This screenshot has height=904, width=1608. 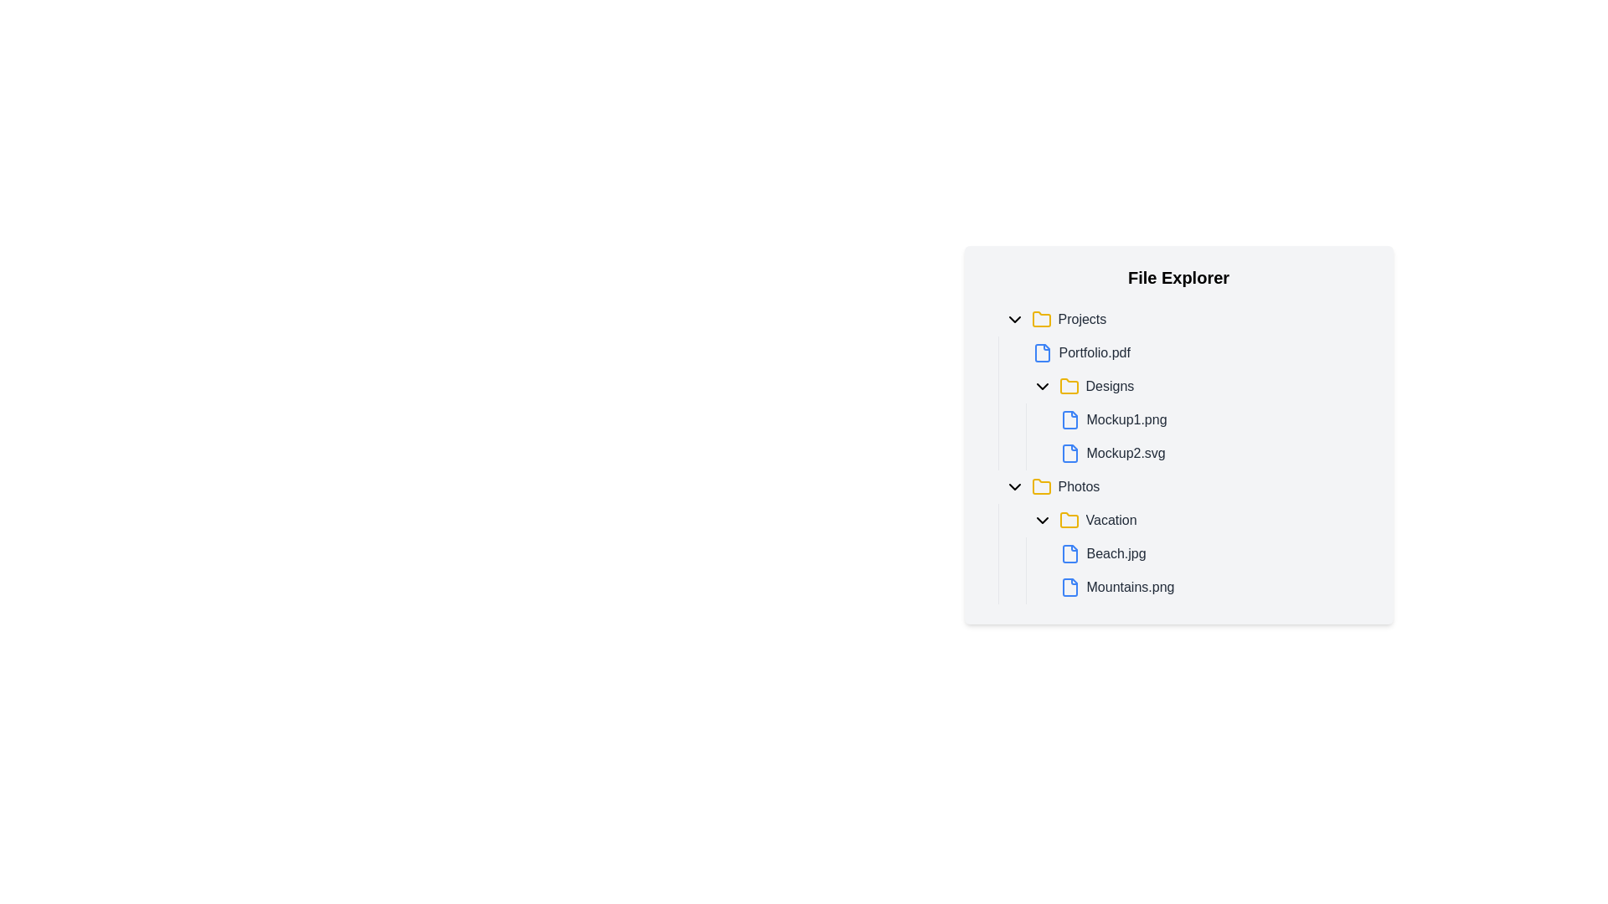 I want to click on the hierarchical list item in the 'Projects' section of the File Explorer, located between 'Portfolio.pdf' and 'Photos', so click(x=1184, y=403).